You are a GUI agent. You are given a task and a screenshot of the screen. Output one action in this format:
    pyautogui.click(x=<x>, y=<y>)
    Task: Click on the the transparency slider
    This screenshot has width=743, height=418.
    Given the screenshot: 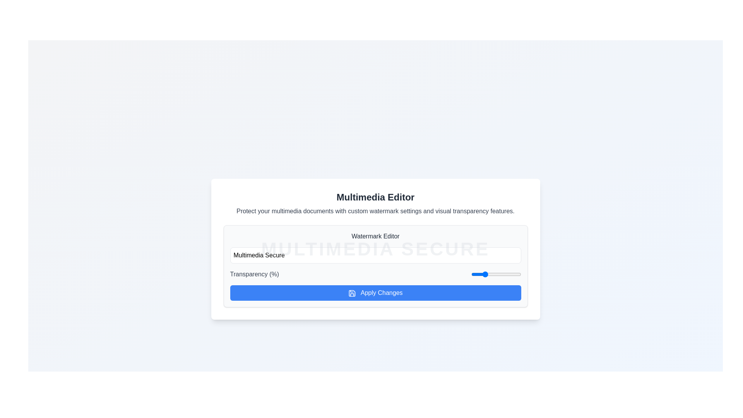 What is the action you would take?
    pyautogui.click(x=483, y=274)
    